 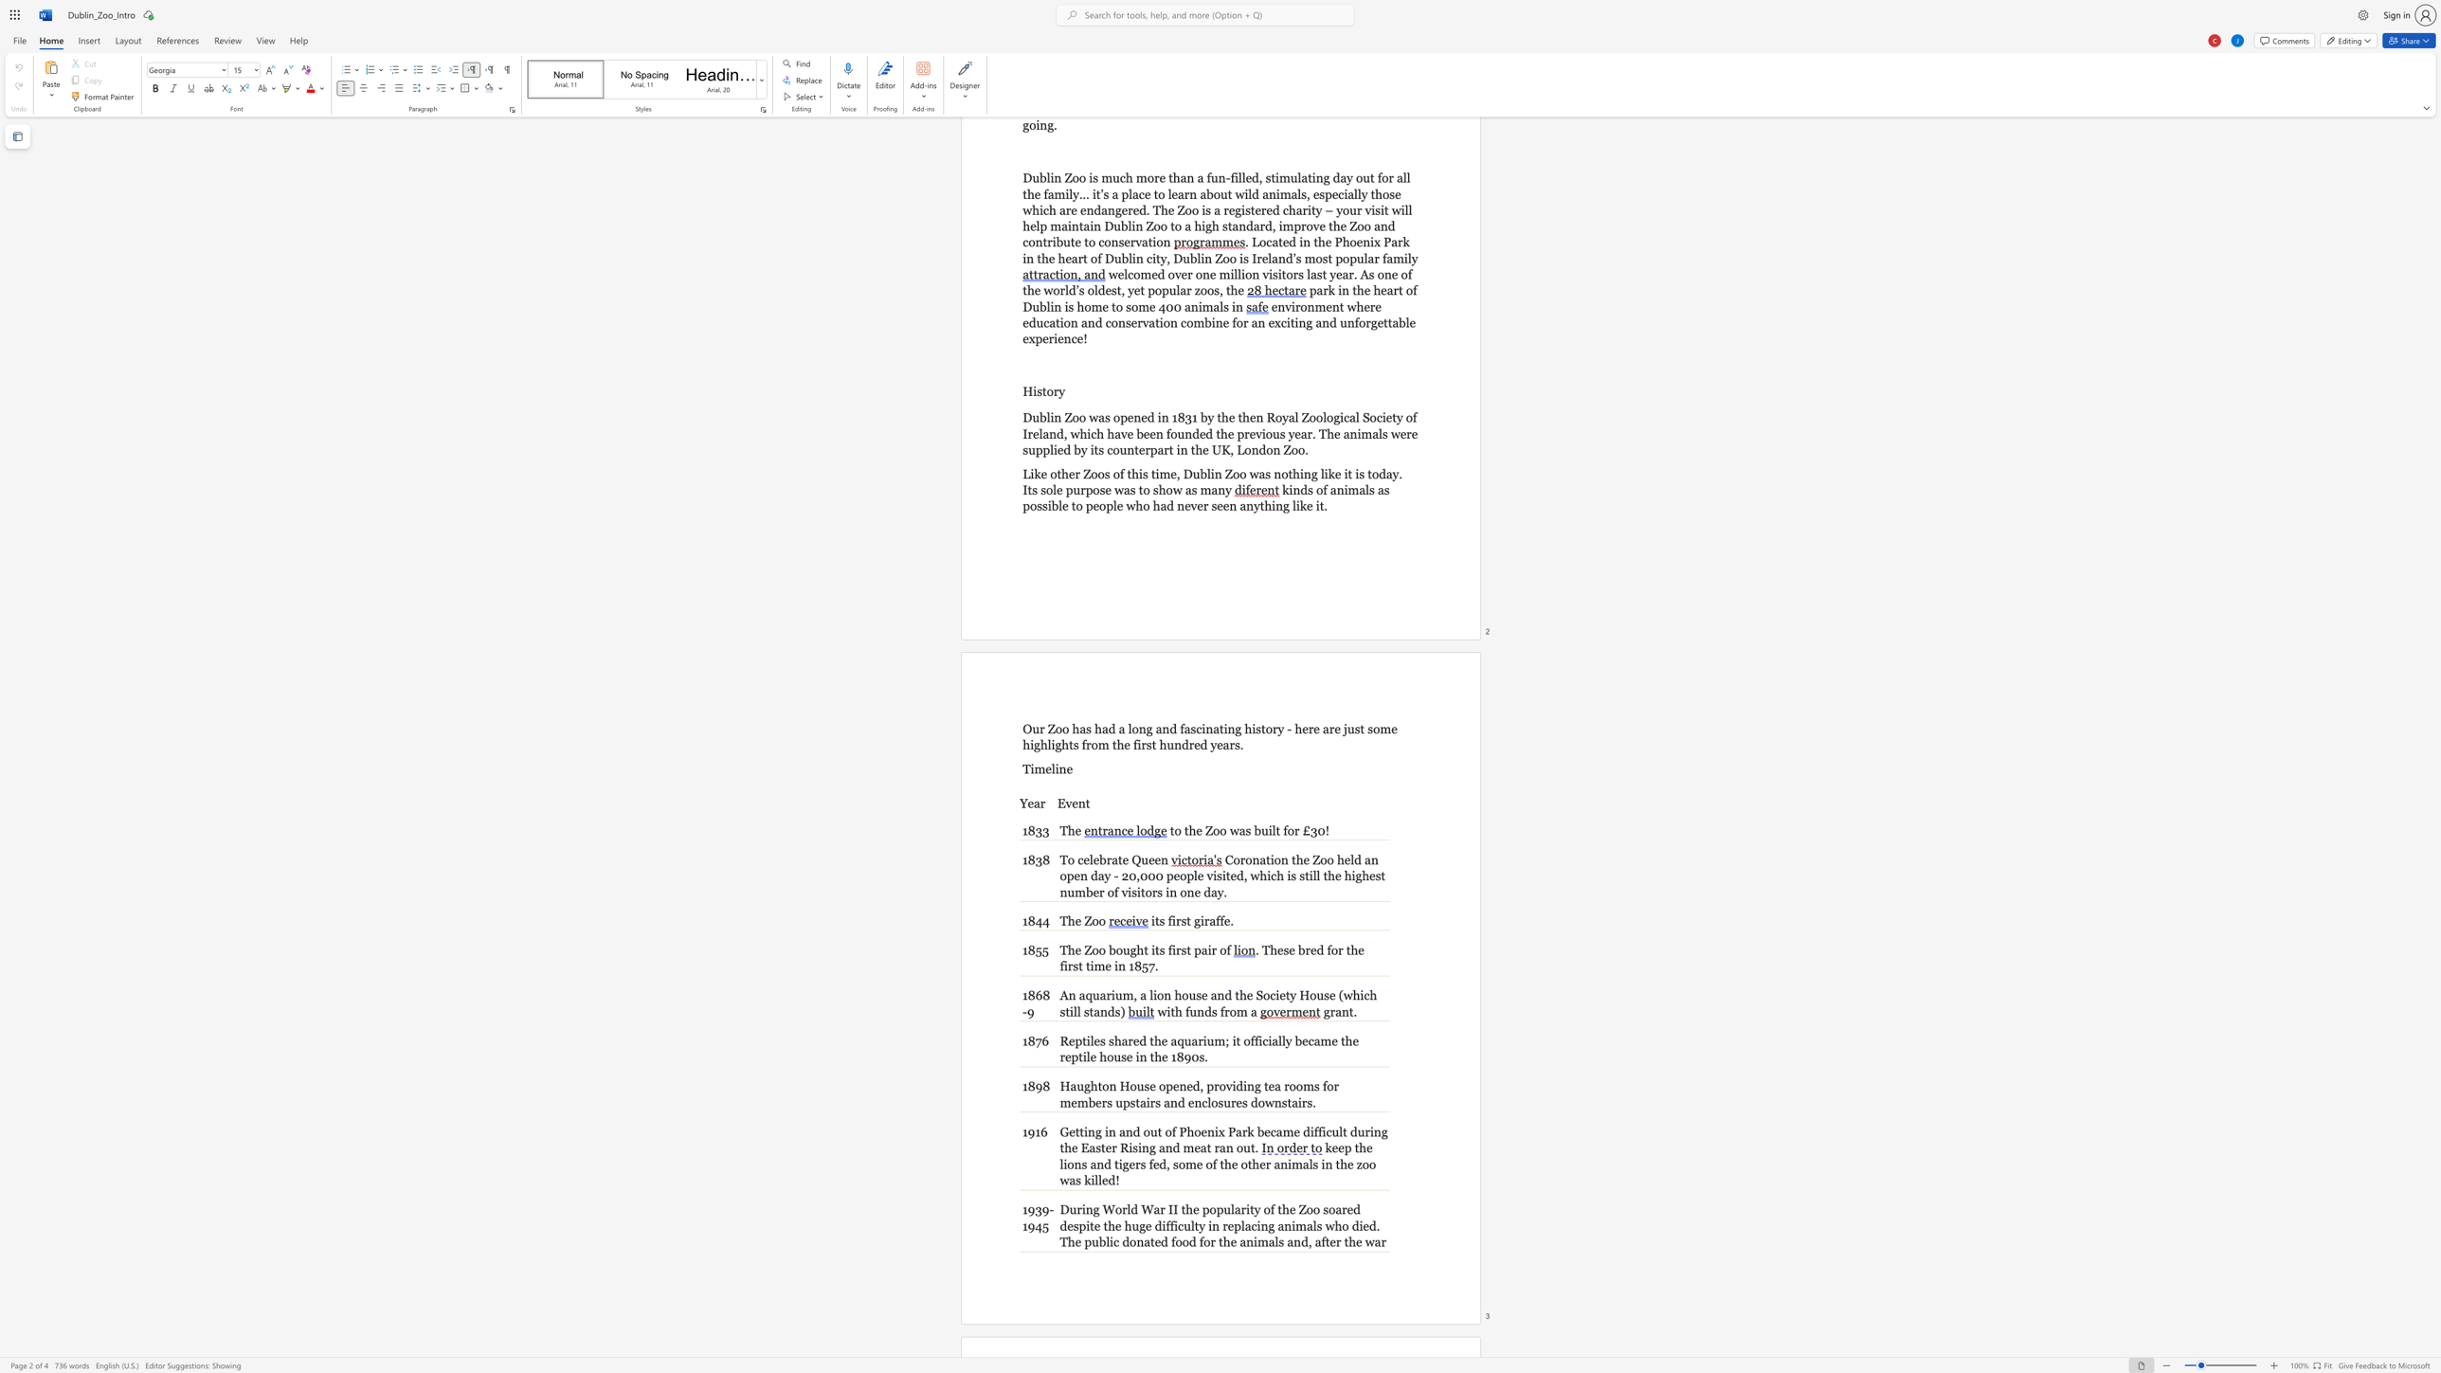 I want to click on the subset text "s fed, some of the other animals in" within the text "keep the lions and tigers fed, some of the other animals in the zoo was killed!", so click(x=1140, y=1163).